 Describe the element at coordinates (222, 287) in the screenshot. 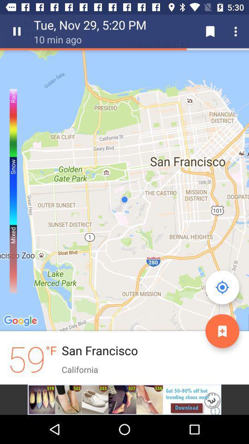

I see `location option` at that location.